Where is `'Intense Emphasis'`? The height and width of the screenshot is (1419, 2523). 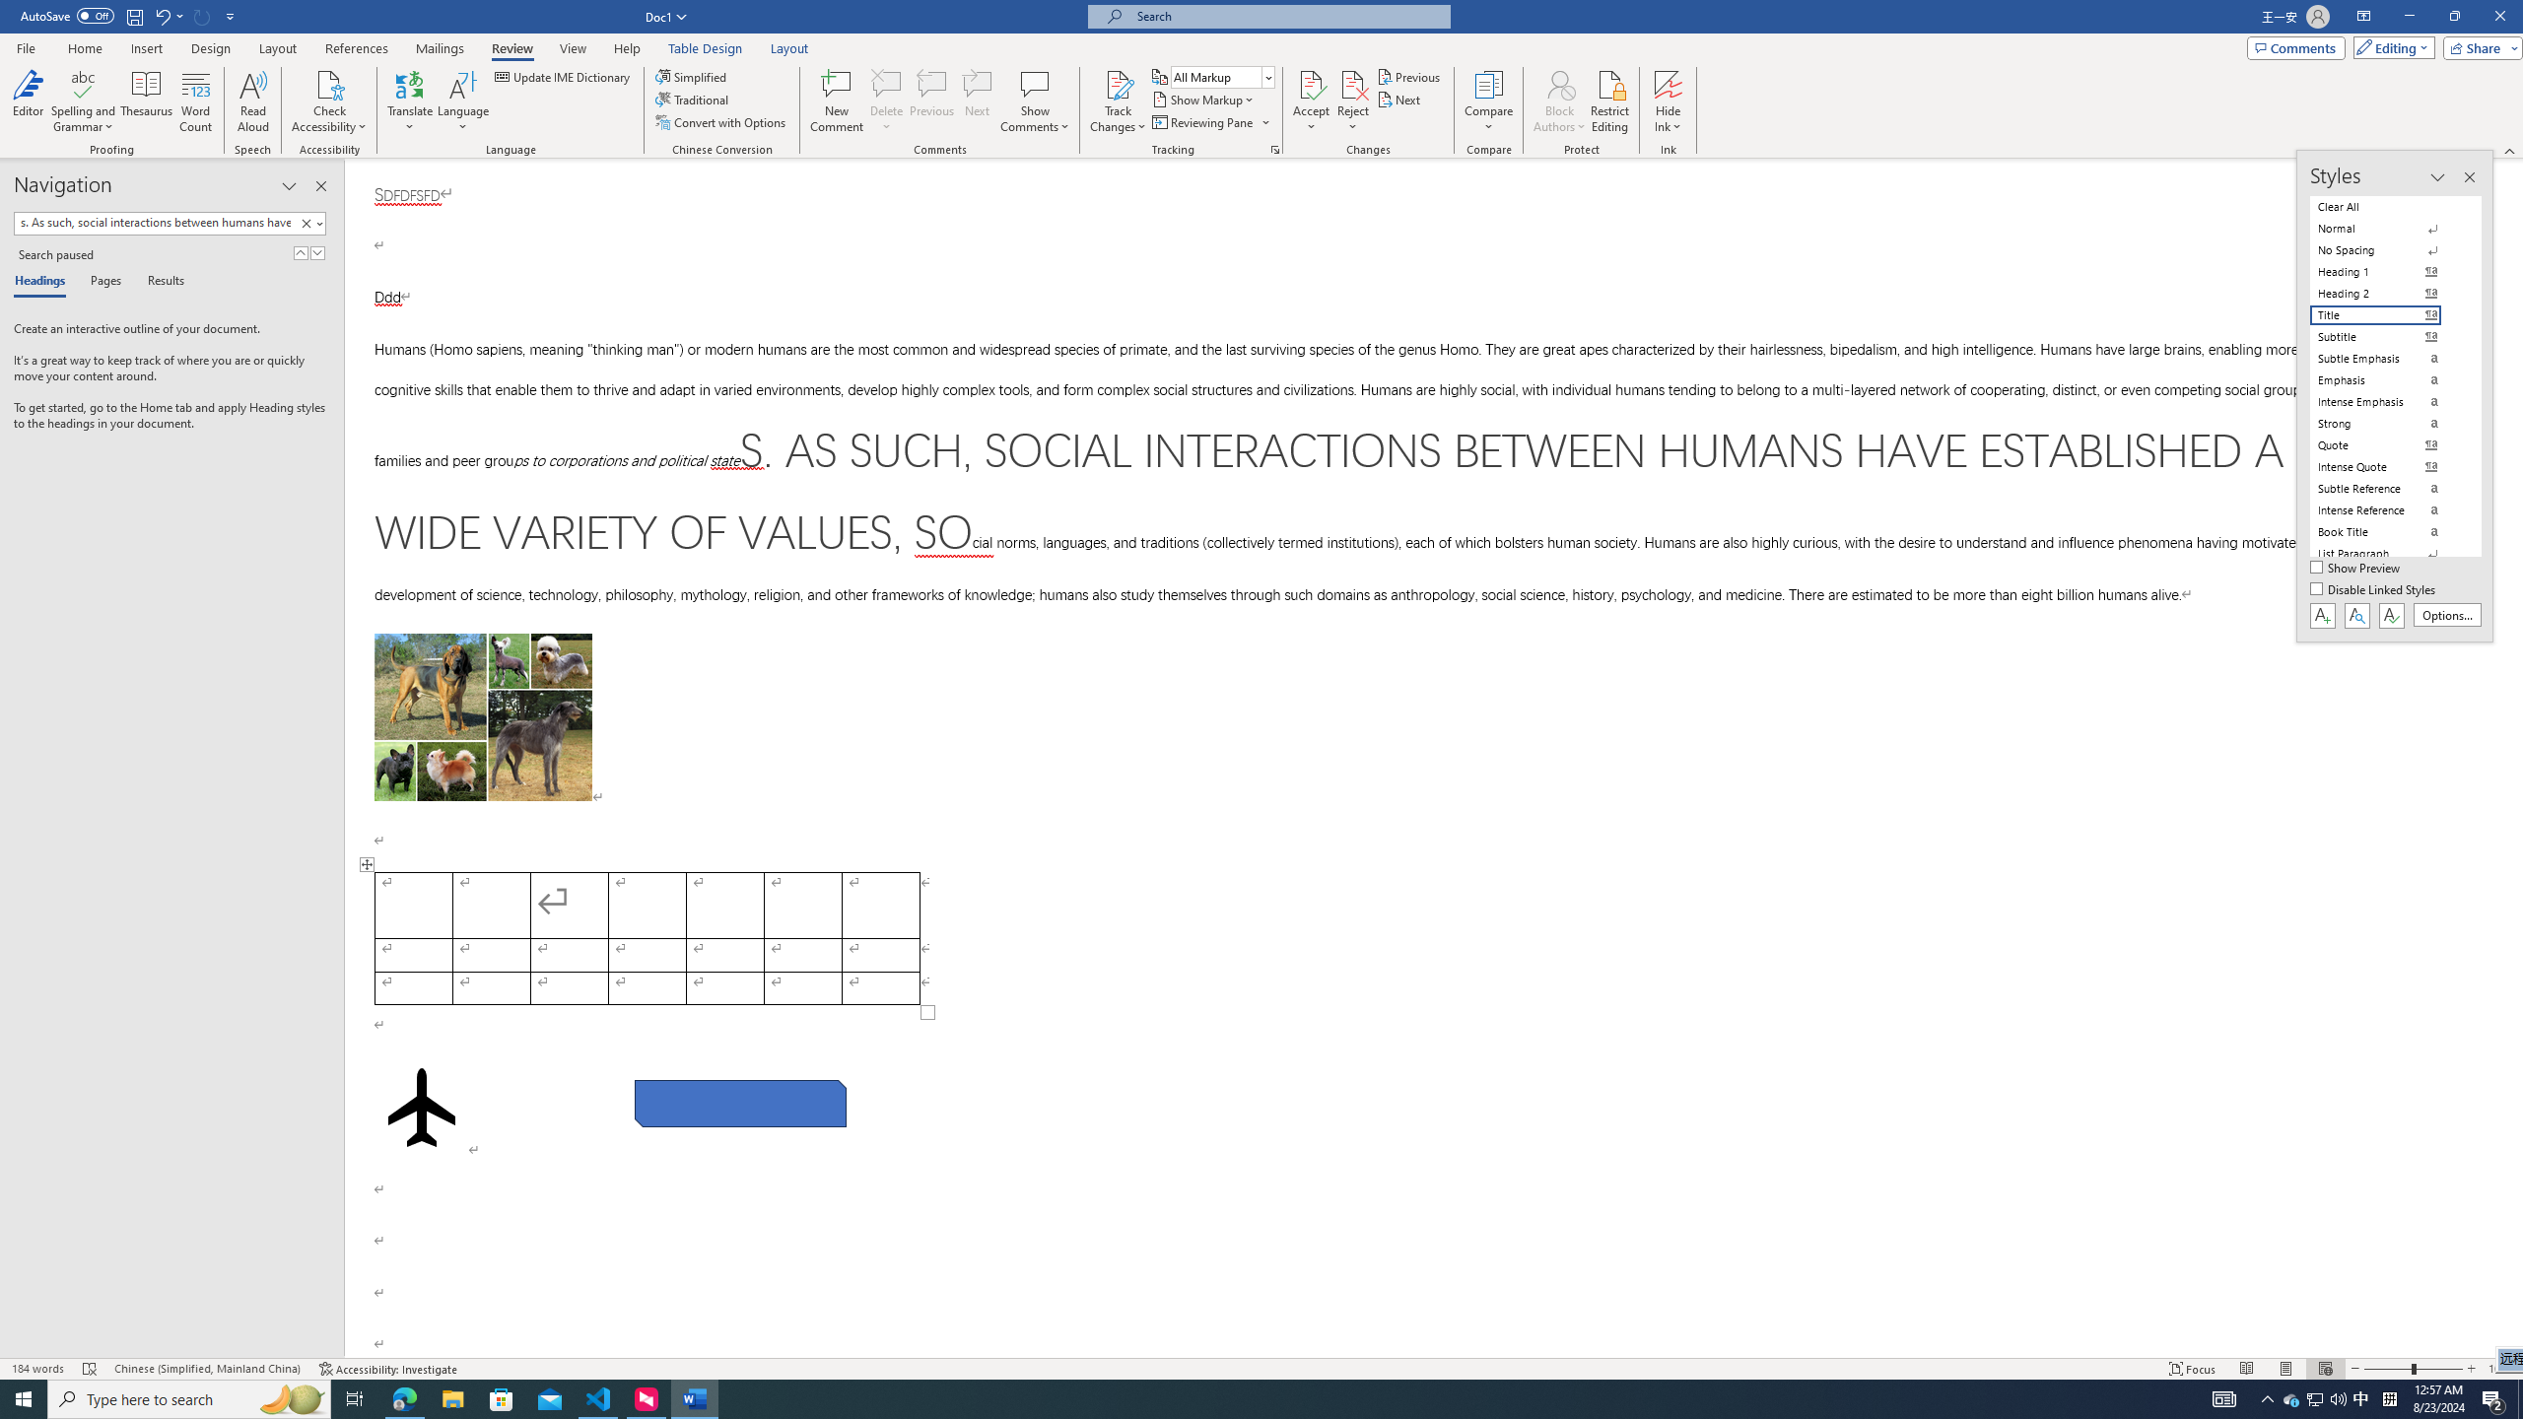 'Intense Emphasis' is located at coordinates (2387, 401).